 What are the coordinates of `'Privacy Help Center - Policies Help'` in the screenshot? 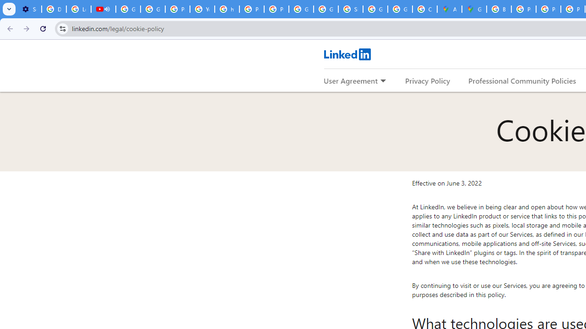 It's located at (524, 9).